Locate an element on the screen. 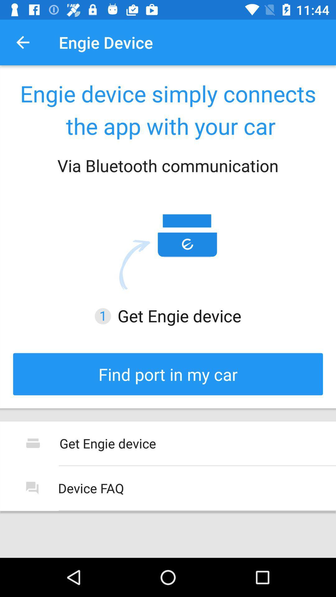 The image size is (336, 597). item above the get engie device item is located at coordinates (168, 374).